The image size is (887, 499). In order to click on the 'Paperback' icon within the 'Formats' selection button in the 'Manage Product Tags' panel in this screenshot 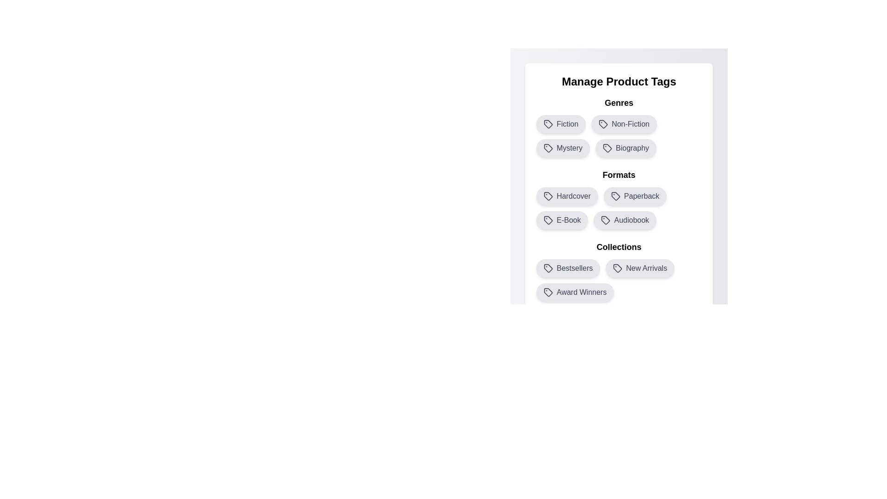, I will do `click(615, 195)`.